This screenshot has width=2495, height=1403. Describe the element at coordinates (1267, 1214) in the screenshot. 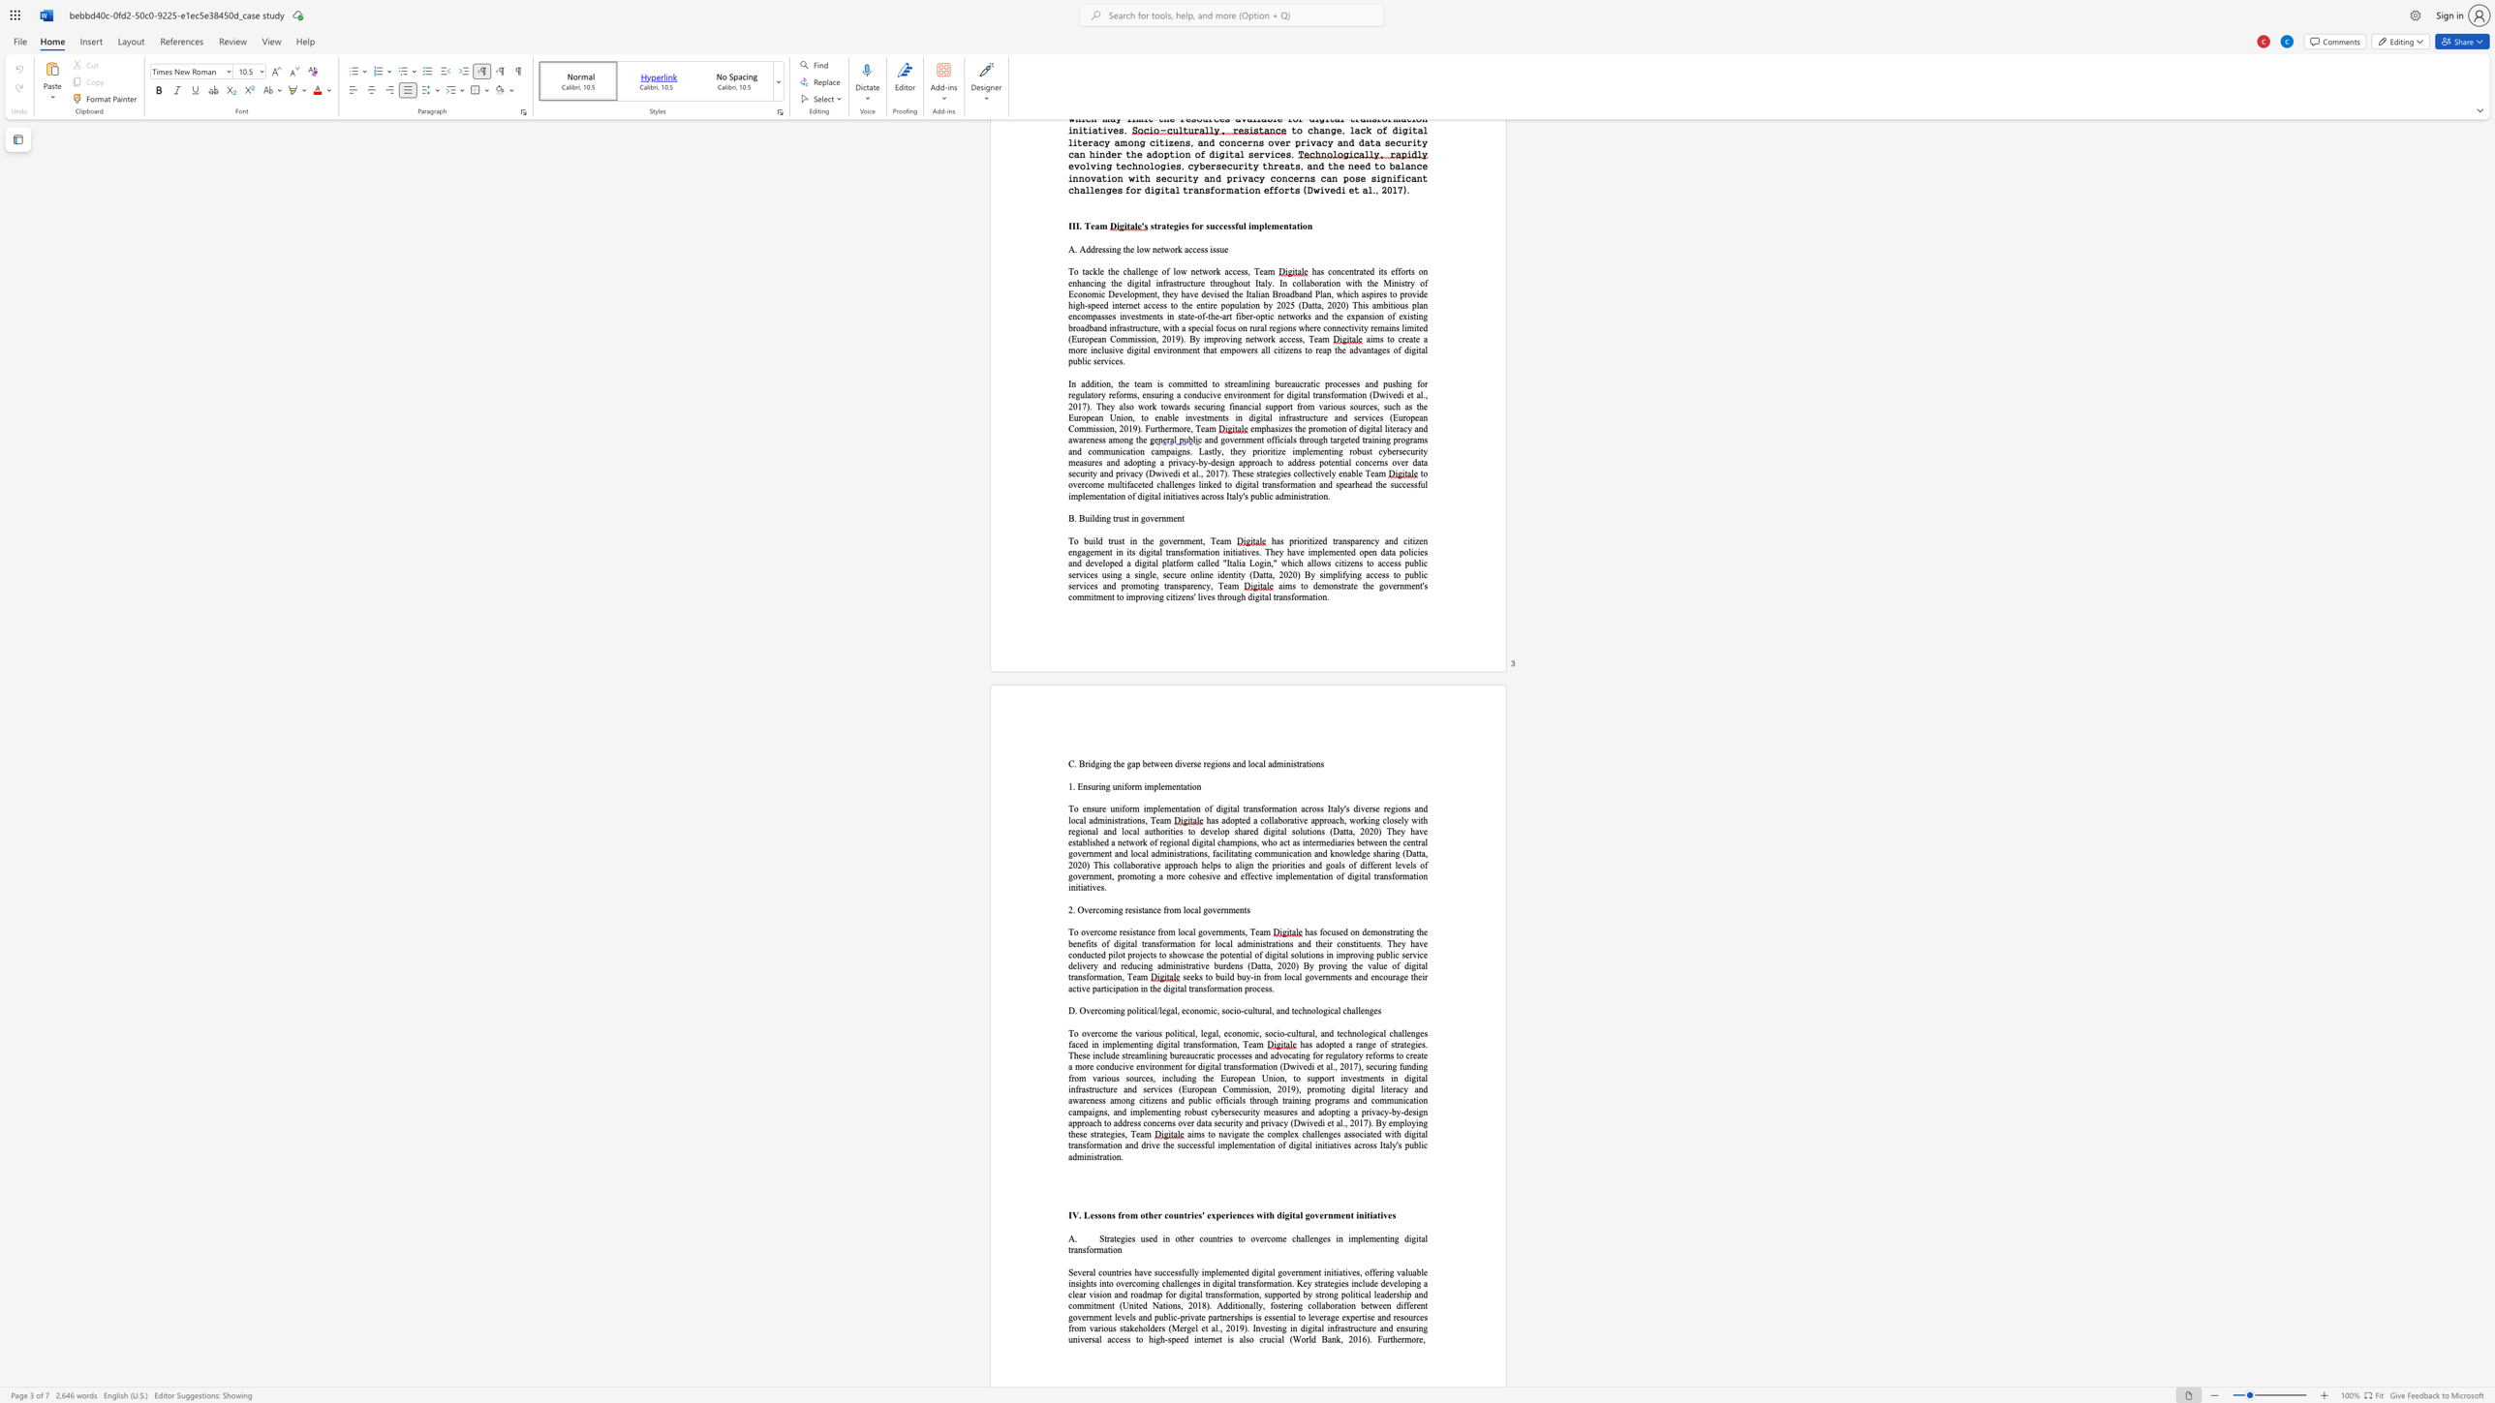

I see `the 3th character "t" in the text` at that location.